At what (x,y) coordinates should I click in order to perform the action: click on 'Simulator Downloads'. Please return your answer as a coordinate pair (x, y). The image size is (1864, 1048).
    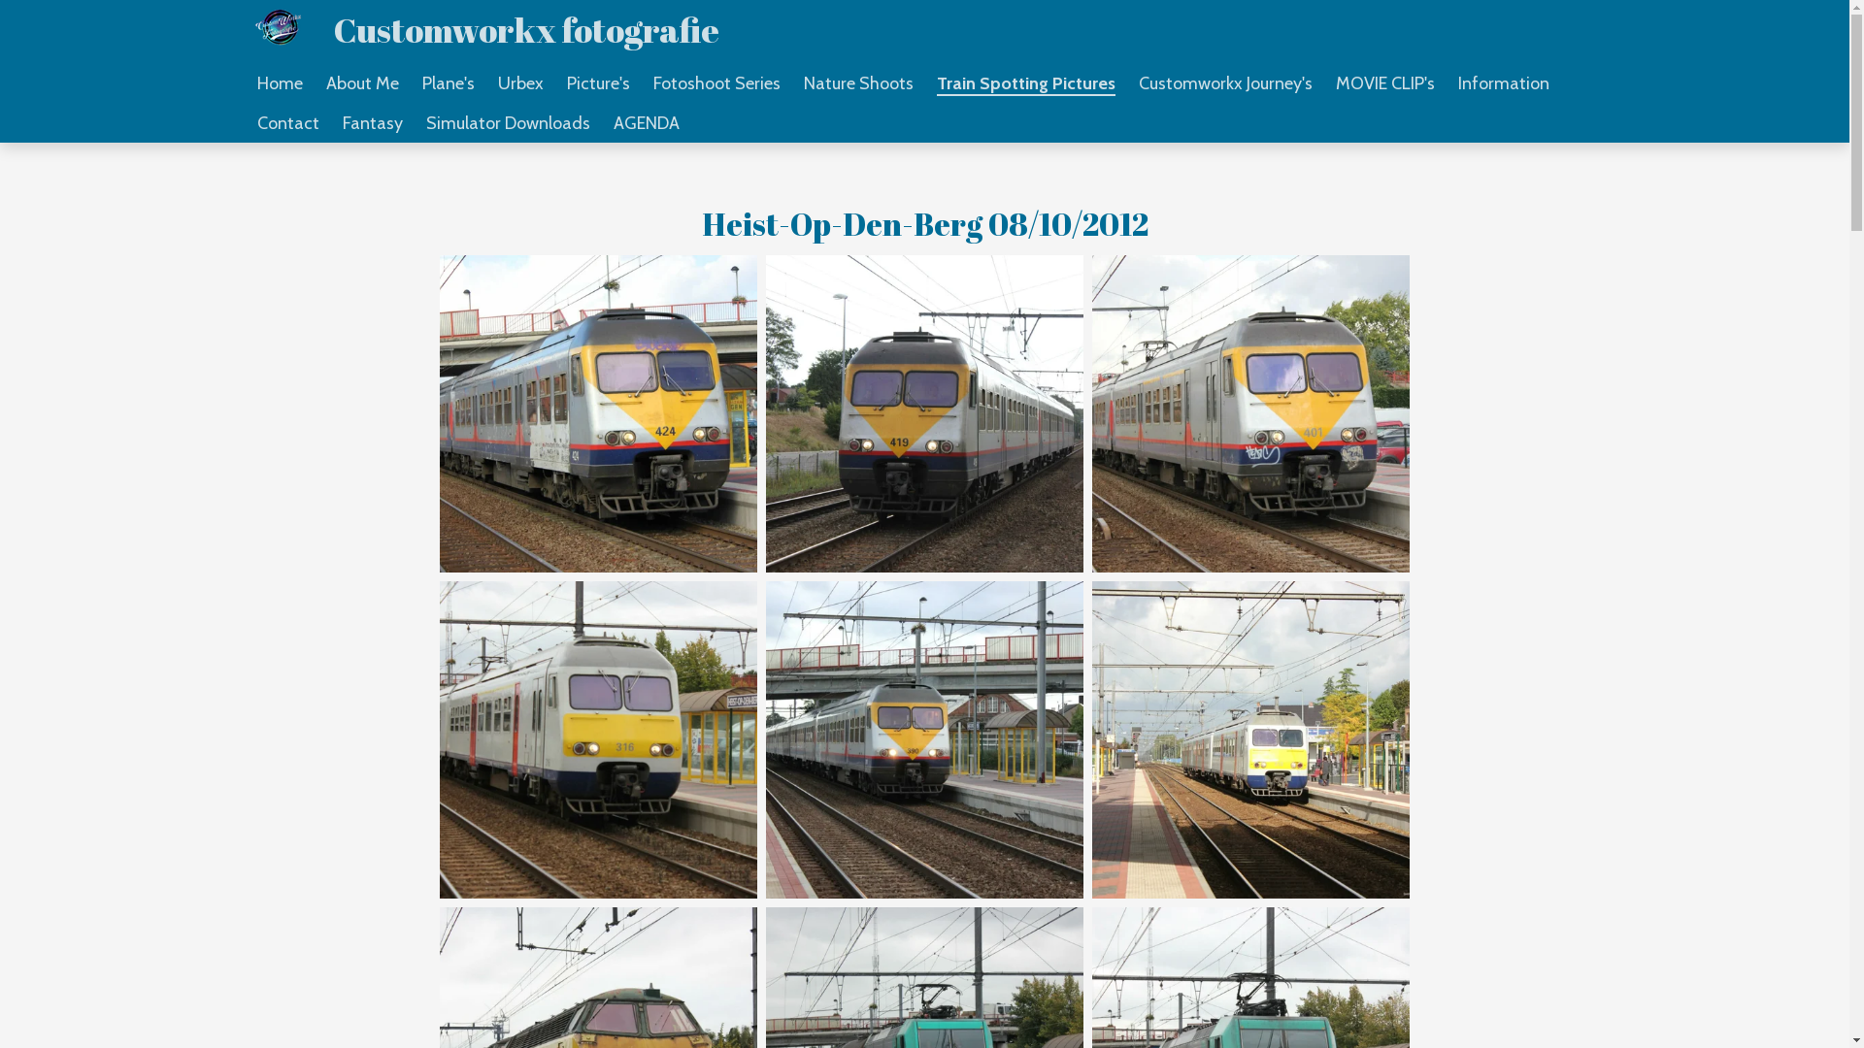
    Looking at the image, I should click on (507, 123).